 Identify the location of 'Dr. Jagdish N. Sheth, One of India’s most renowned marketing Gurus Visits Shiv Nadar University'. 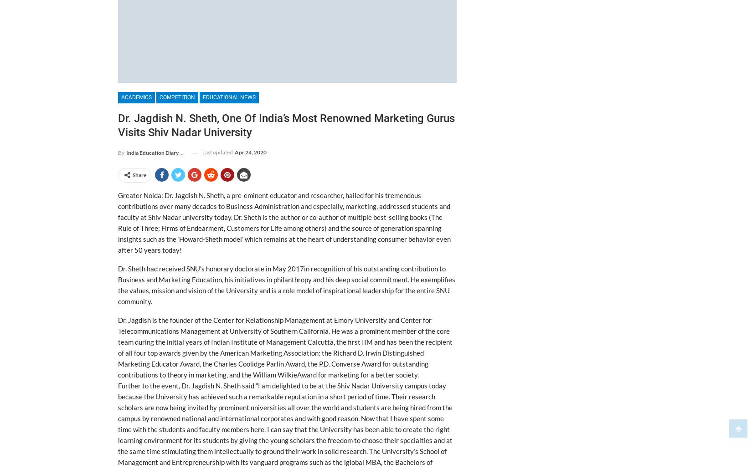
(286, 125).